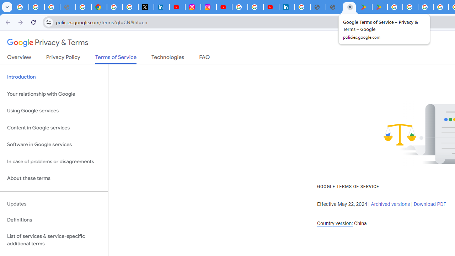 This screenshot has height=256, width=455. I want to click on 'LinkedIn Privacy Policy', so click(161, 7).